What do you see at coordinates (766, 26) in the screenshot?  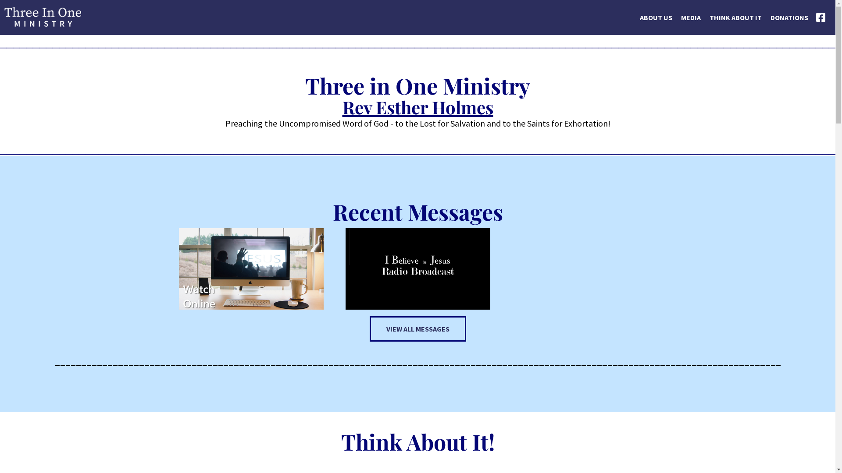 I see `'DONATIONS'` at bounding box center [766, 26].